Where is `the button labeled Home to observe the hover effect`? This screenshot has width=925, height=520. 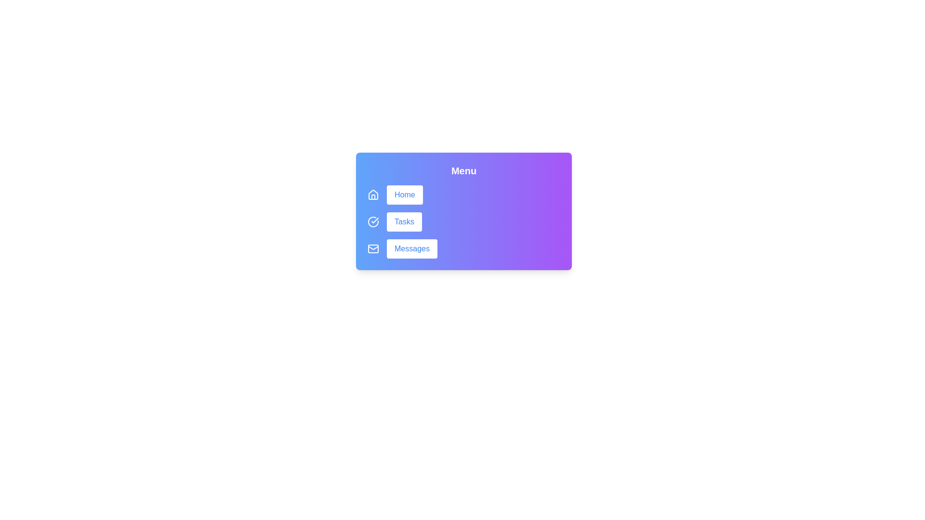
the button labeled Home to observe the hover effect is located at coordinates (405, 195).